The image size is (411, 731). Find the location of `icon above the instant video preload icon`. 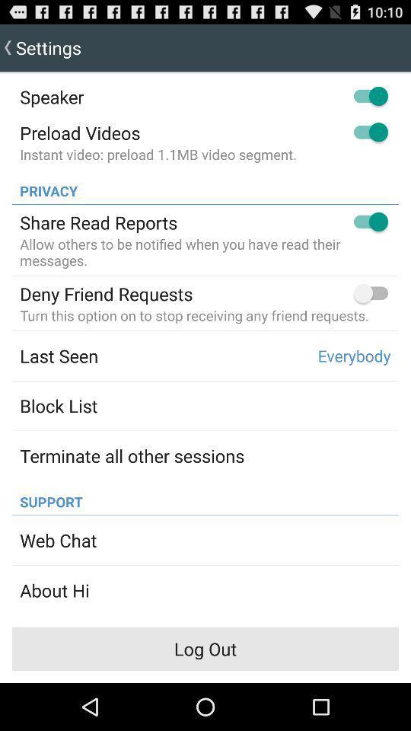

icon above the instant video preload icon is located at coordinates (80, 132).